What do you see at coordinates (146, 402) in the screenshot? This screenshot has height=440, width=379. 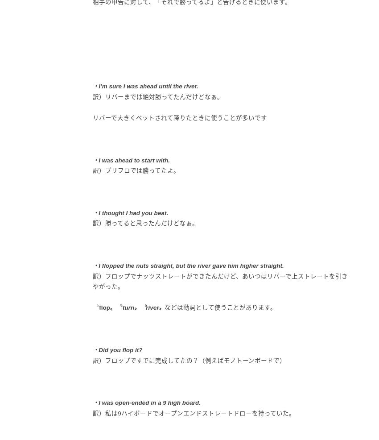 I see `'・I was open-ended in a 9 high board.'` at bounding box center [146, 402].